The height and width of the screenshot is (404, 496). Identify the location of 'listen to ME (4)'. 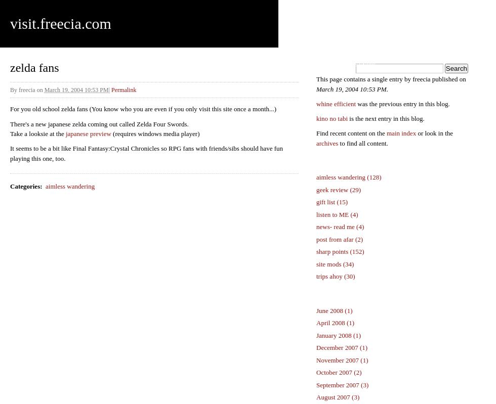
(337, 213).